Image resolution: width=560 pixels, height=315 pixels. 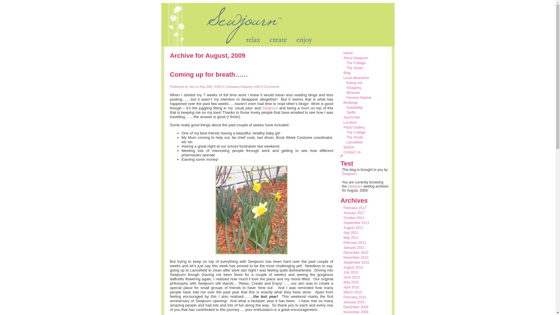 What do you see at coordinates (354, 127) in the screenshot?
I see `'Photo Gallery'` at bounding box center [354, 127].